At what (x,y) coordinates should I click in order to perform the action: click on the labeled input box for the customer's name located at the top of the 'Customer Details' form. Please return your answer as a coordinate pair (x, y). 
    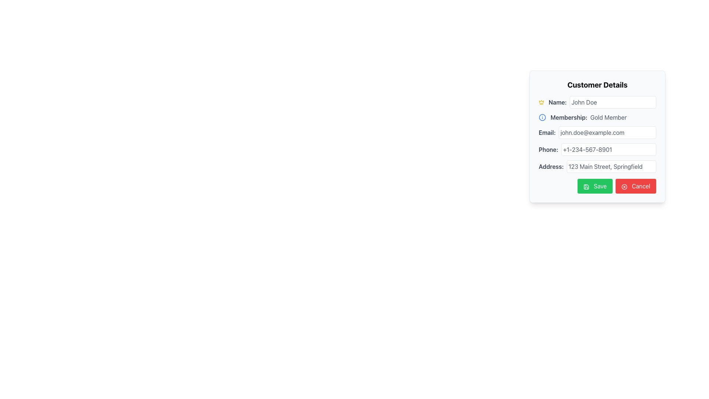
    Looking at the image, I should click on (597, 102).